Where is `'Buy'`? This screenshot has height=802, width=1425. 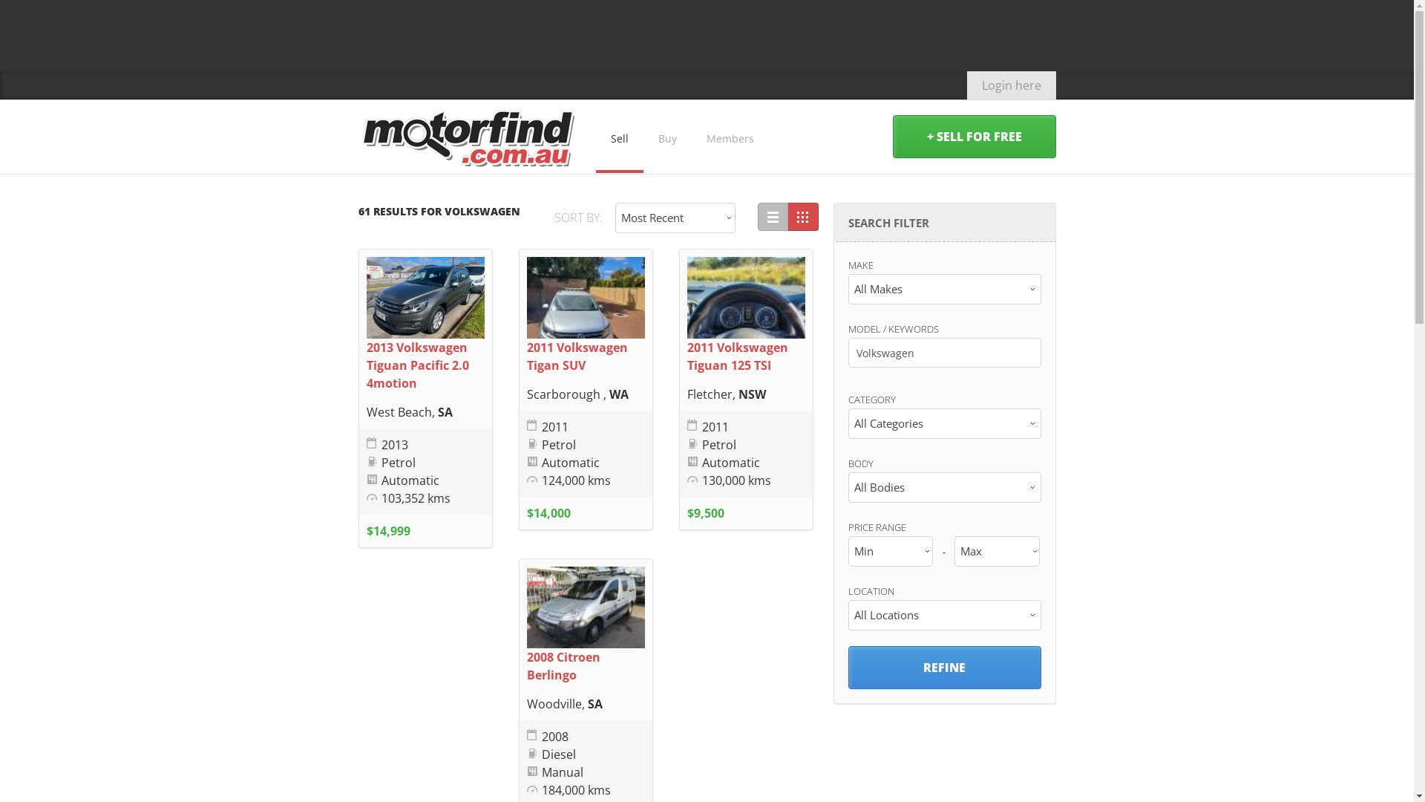
'Buy' is located at coordinates (666, 137).